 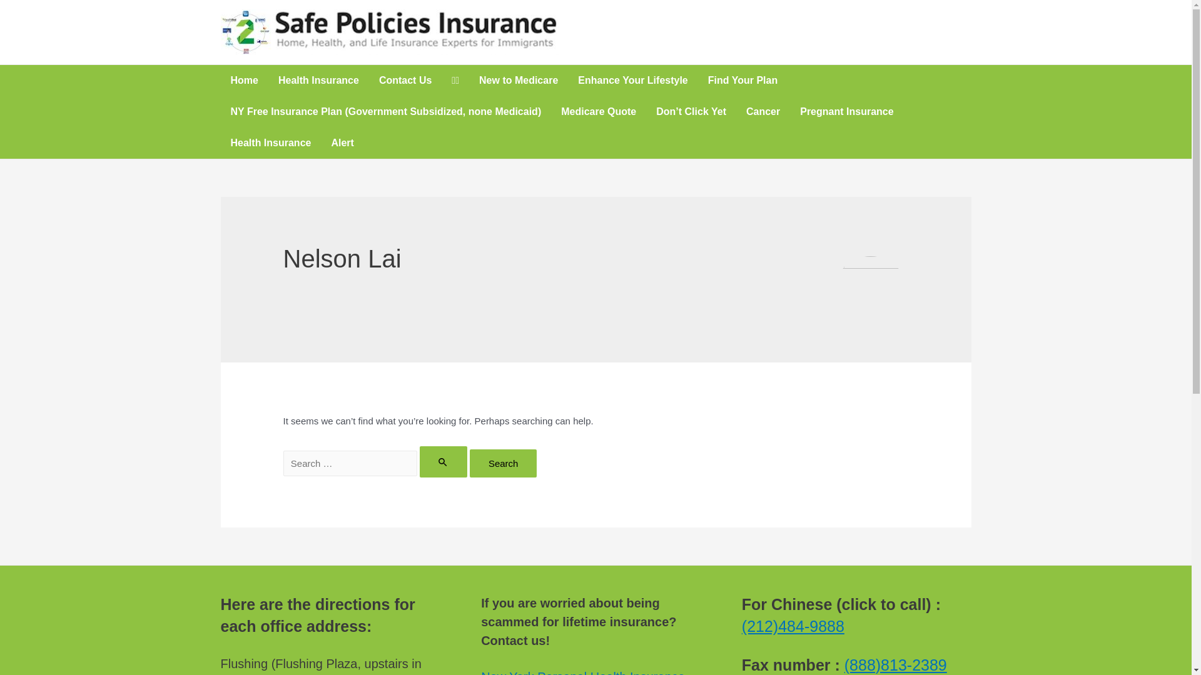 What do you see at coordinates (742, 80) in the screenshot?
I see `'Find Your Plan'` at bounding box center [742, 80].